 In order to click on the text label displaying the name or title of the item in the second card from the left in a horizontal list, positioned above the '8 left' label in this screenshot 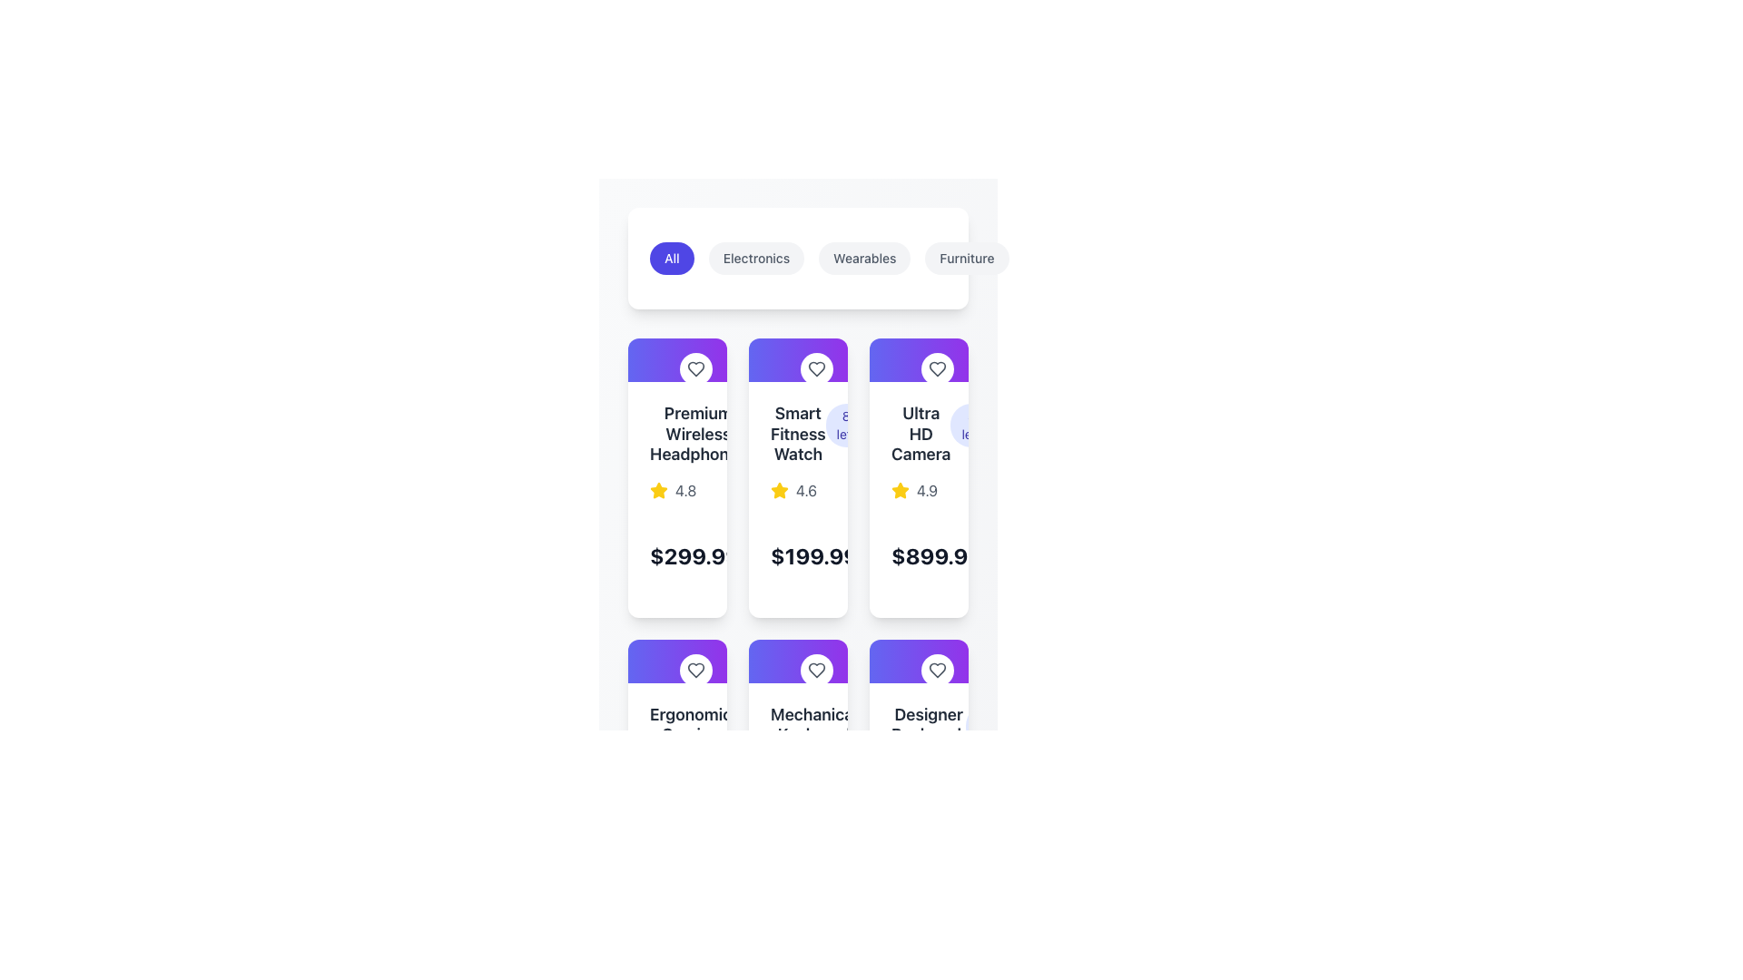, I will do `click(798, 434)`.